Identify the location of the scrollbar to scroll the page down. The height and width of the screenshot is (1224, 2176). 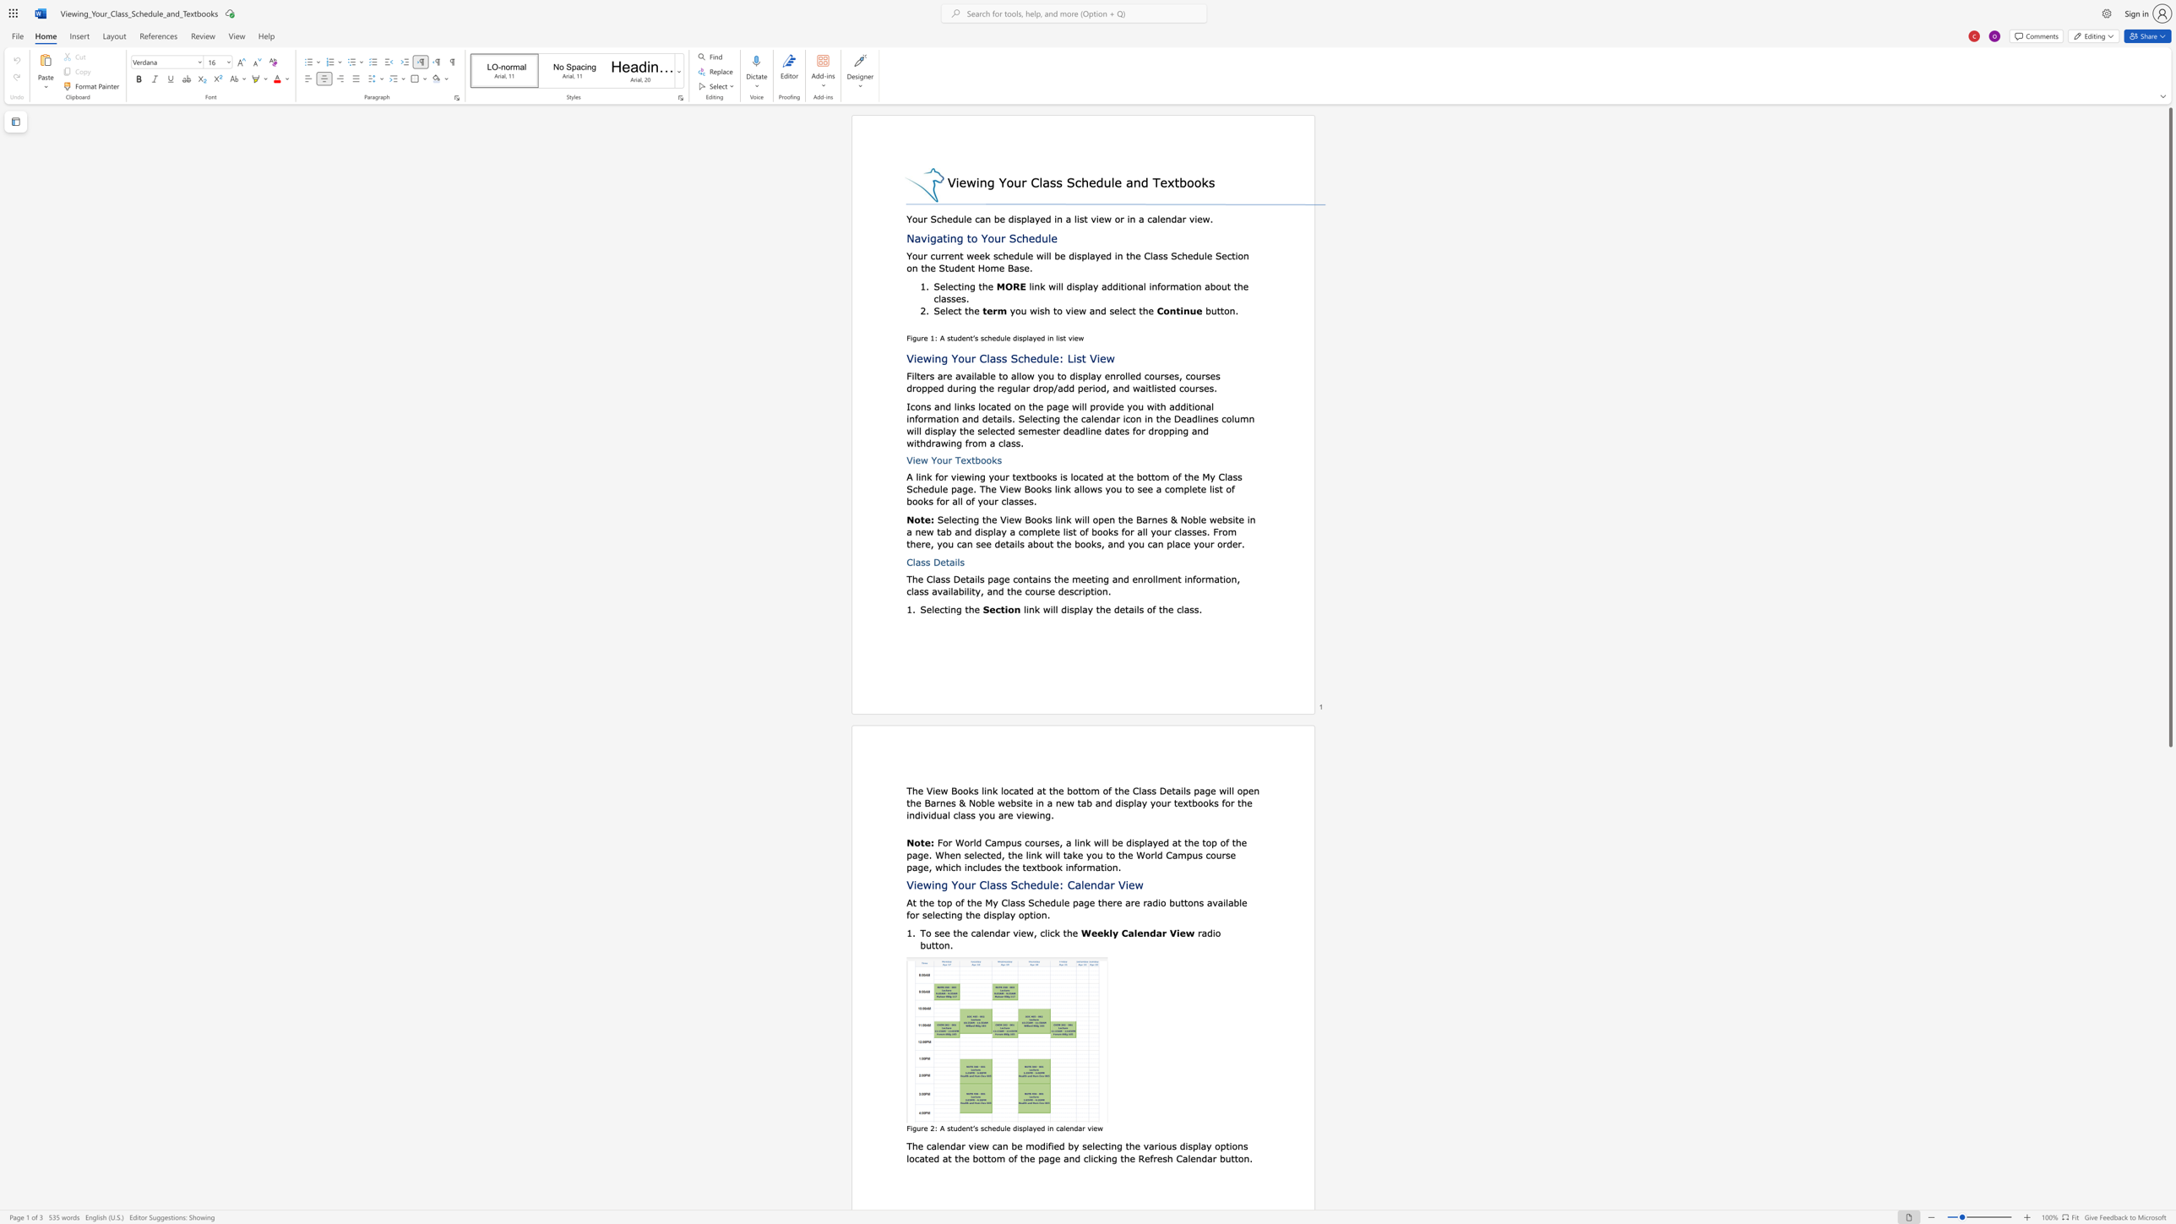
(2169, 946).